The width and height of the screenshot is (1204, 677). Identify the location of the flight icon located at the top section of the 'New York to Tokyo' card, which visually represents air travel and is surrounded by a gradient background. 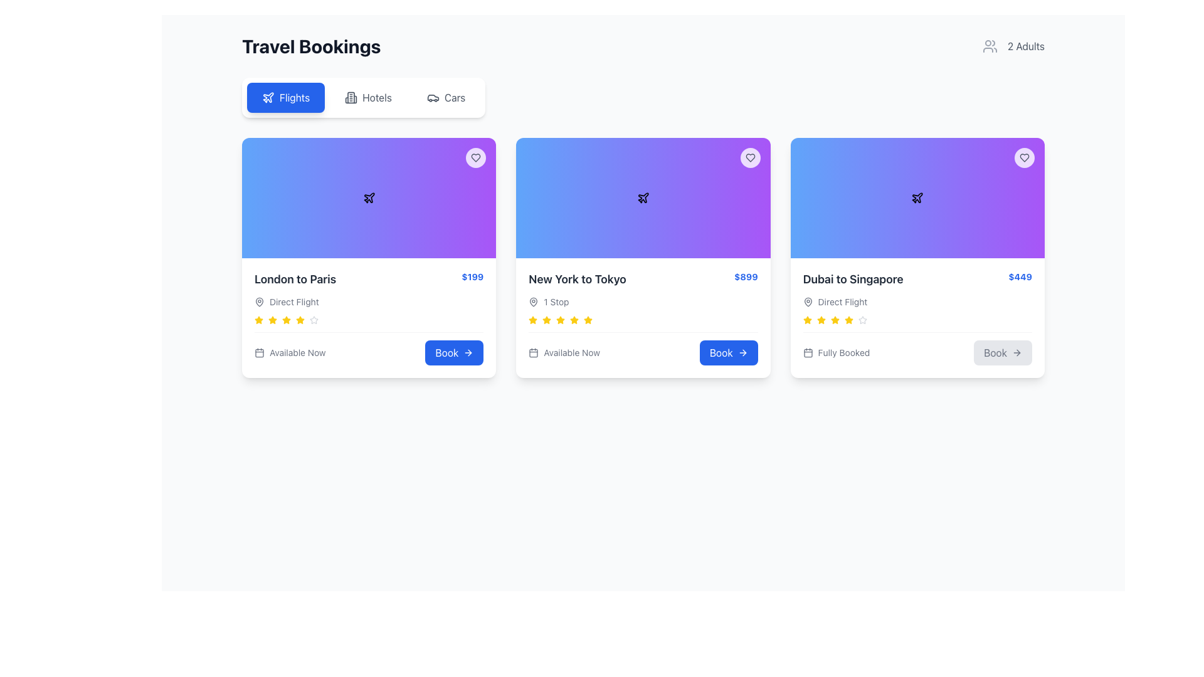
(643, 197).